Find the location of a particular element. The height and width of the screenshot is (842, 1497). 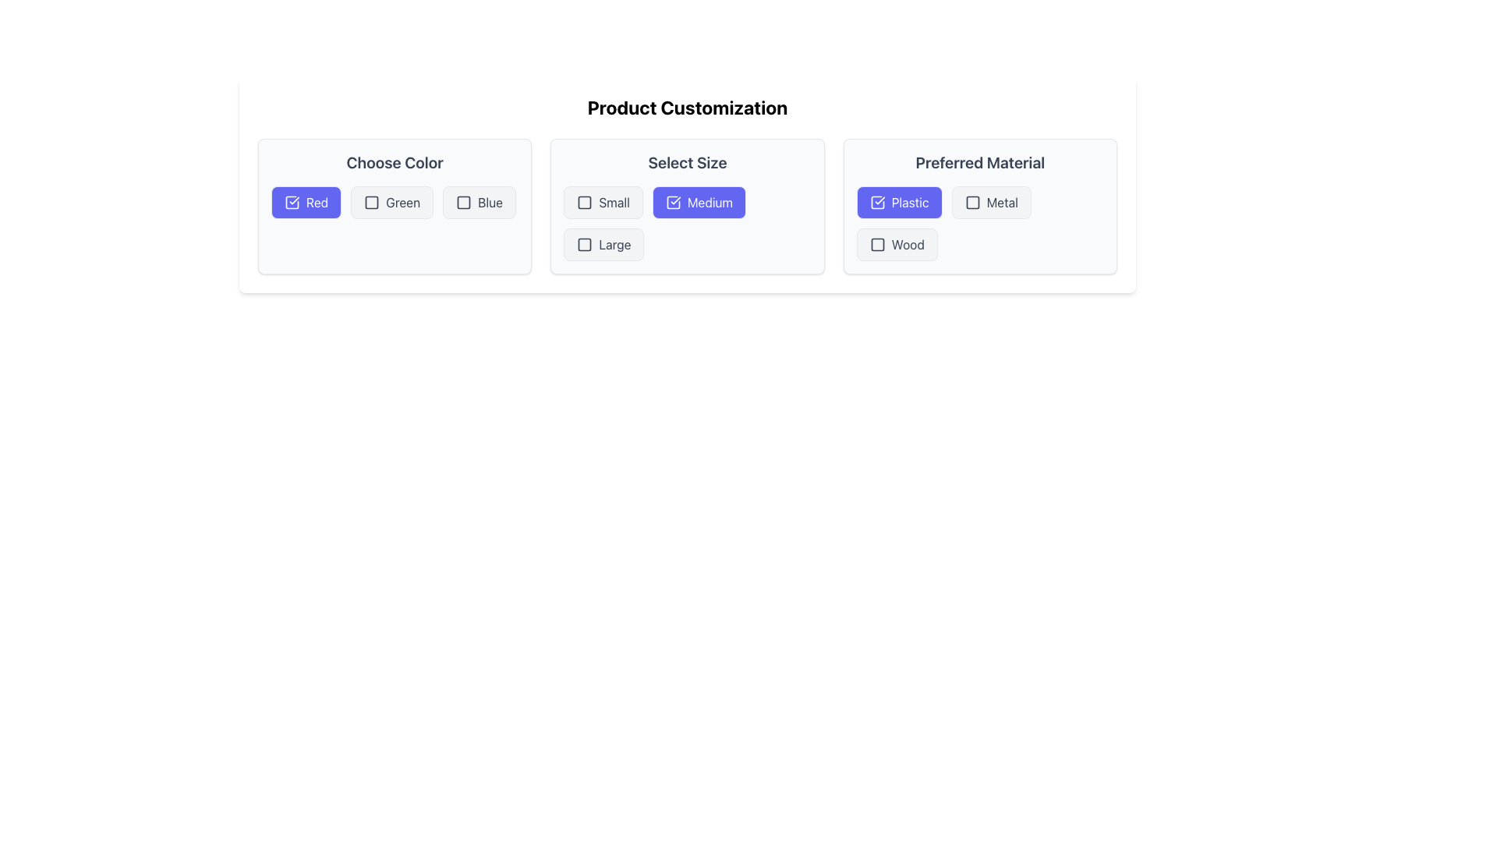

the text label that introduces the color selection options in the leftmost panel of the 'Product Customization' section is located at coordinates (395, 162).